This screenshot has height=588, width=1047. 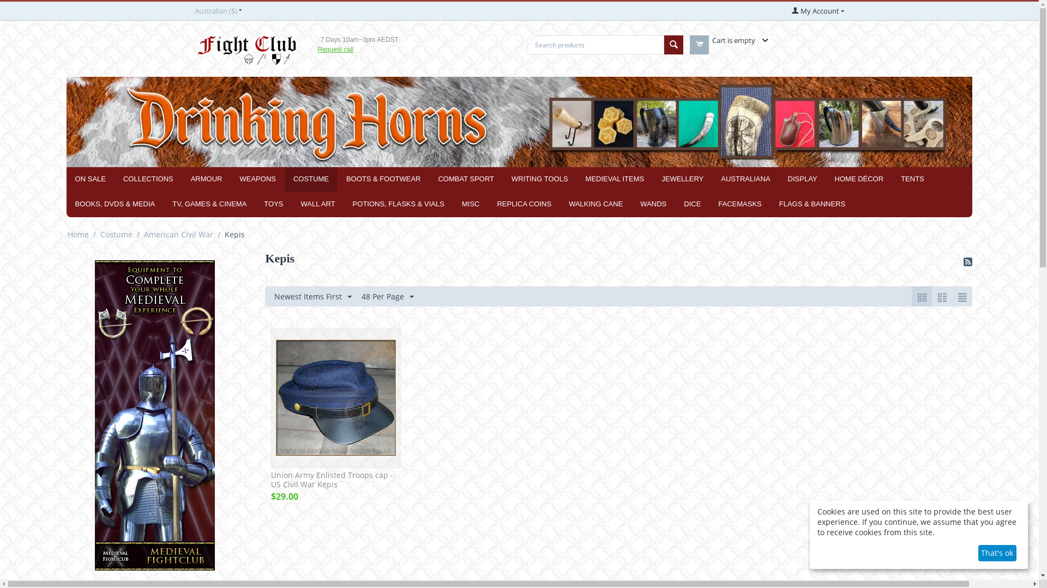 I want to click on 'Search products', so click(x=594, y=44).